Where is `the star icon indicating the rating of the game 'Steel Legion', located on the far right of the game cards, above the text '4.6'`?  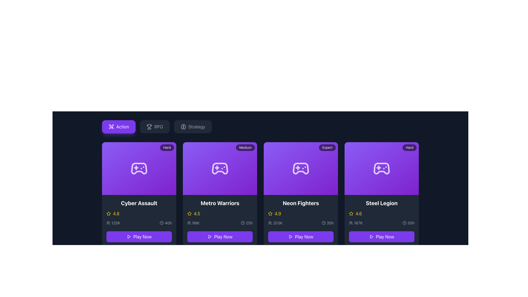 the star icon indicating the rating of the game 'Steel Legion', located on the far right of the game cards, above the text '4.6' is located at coordinates (351, 213).